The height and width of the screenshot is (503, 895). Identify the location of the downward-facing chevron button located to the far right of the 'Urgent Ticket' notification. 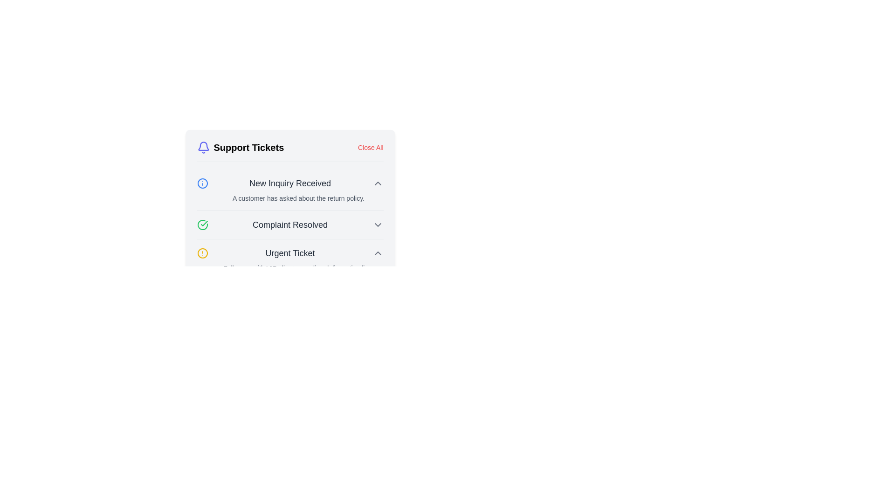
(378, 253).